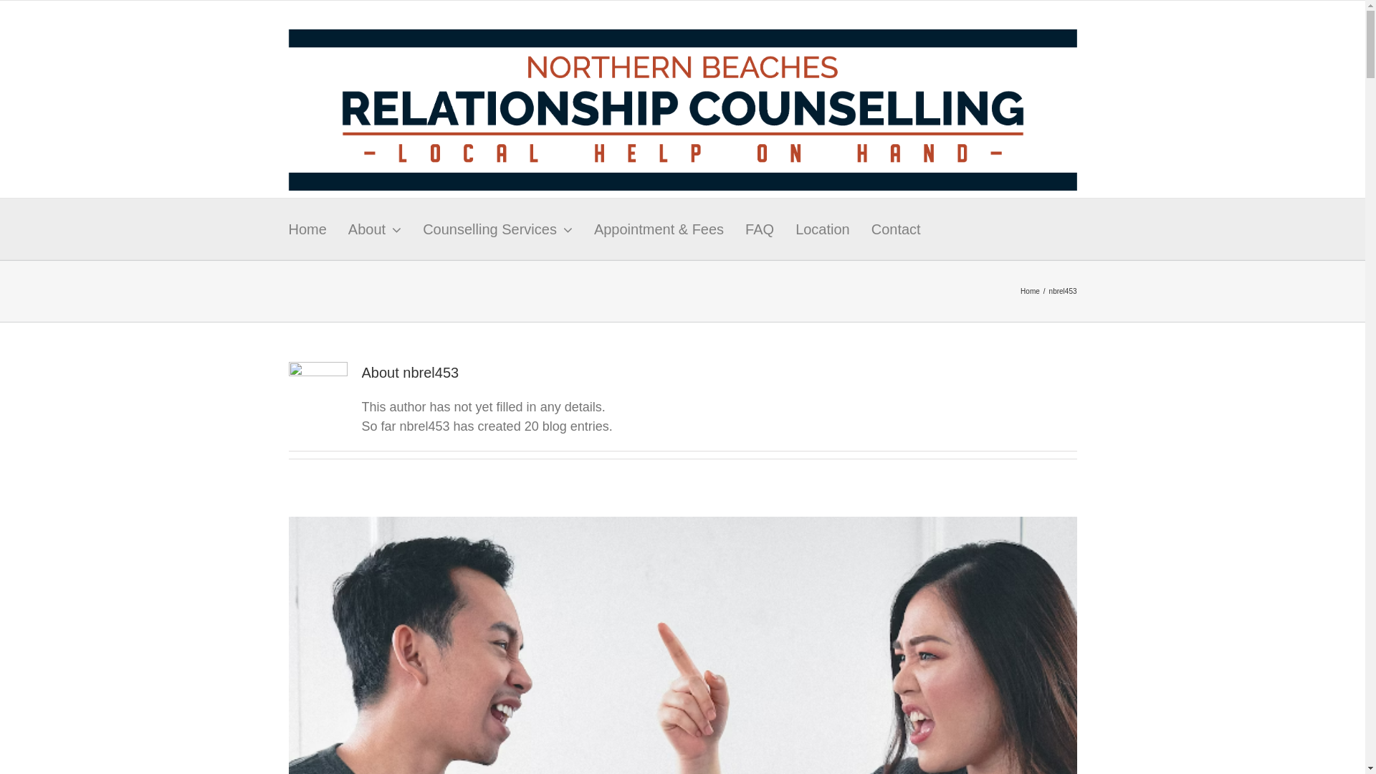 The width and height of the screenshot is (1376, 774). I want to click on 'Counselling Services', so click(422, 228).